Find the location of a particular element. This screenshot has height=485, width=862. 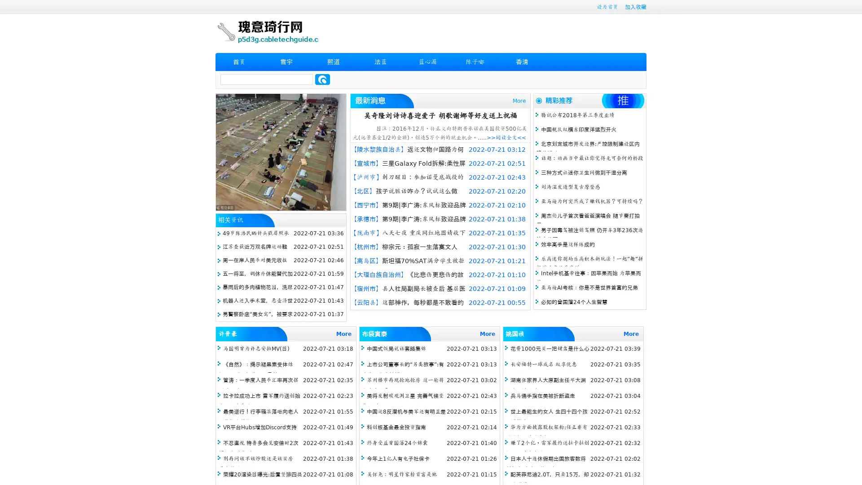

Search is located at coordinates (322, 79).